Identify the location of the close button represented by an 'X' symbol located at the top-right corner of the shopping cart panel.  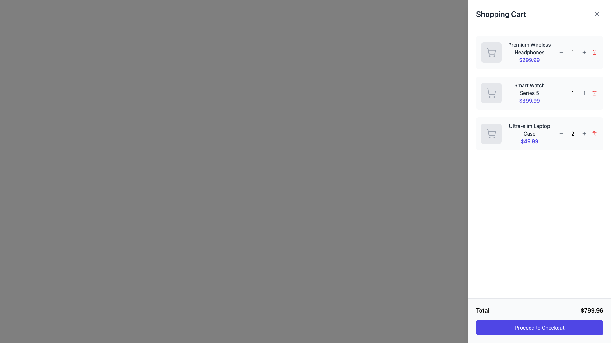
(597, 14).